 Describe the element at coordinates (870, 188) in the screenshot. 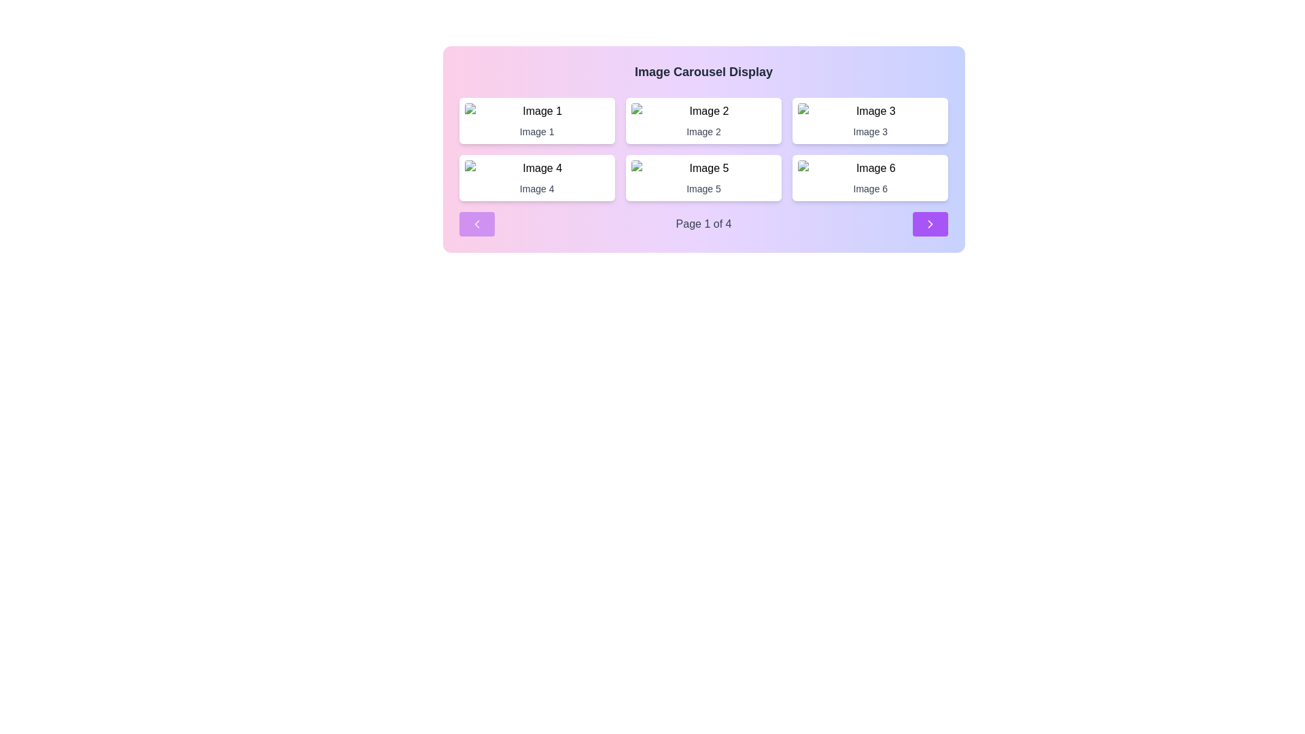

I see `the text label displaying the caption 'Image 6', which is positioned below its corresponding image placeholder in the grid layout` at that location.